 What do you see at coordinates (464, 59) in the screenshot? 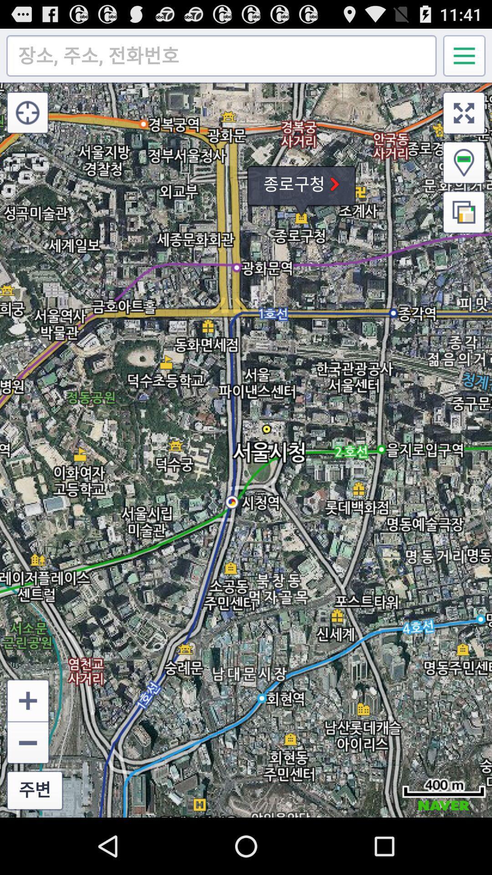
I see `the menu icon` at bounding box center [464, 59].